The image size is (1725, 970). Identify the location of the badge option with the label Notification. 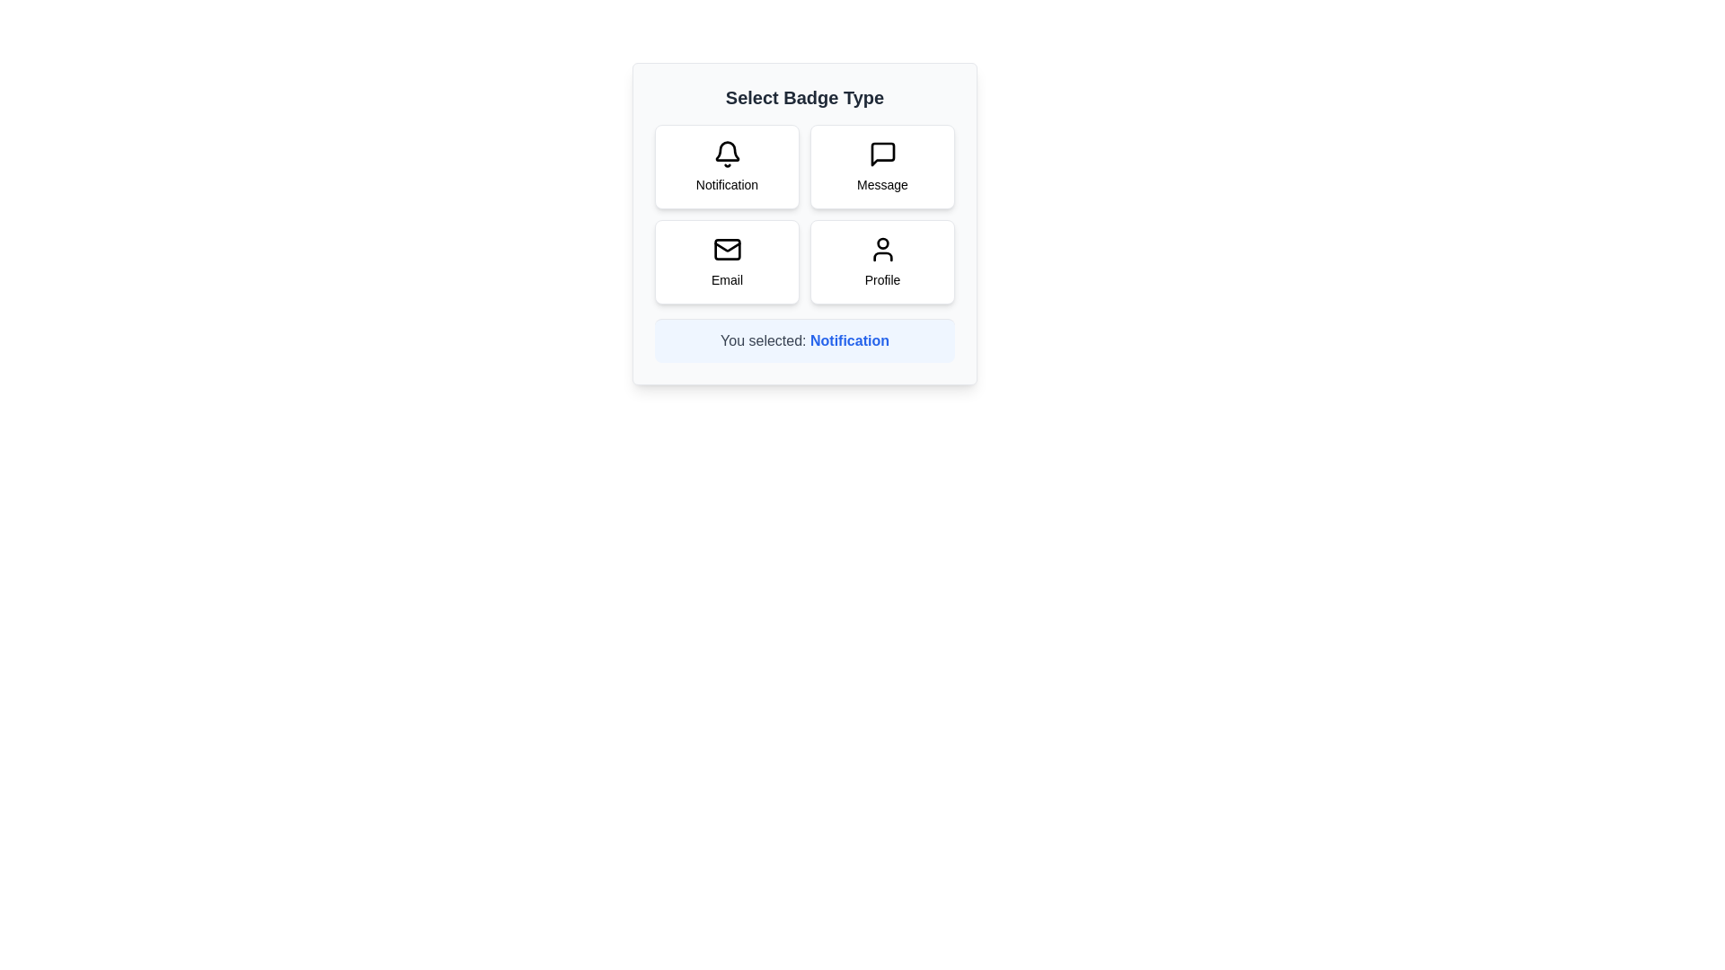
(727, 166).